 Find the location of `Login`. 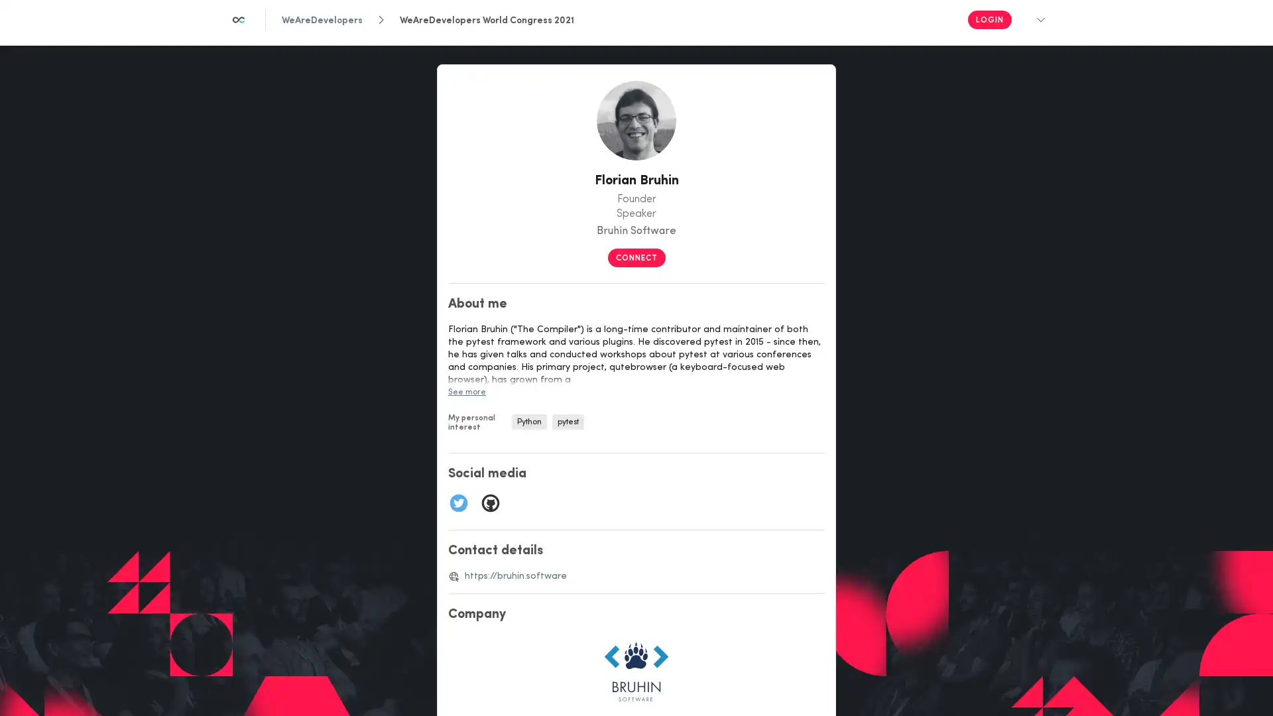

Login is located at coordinates (989, 20).